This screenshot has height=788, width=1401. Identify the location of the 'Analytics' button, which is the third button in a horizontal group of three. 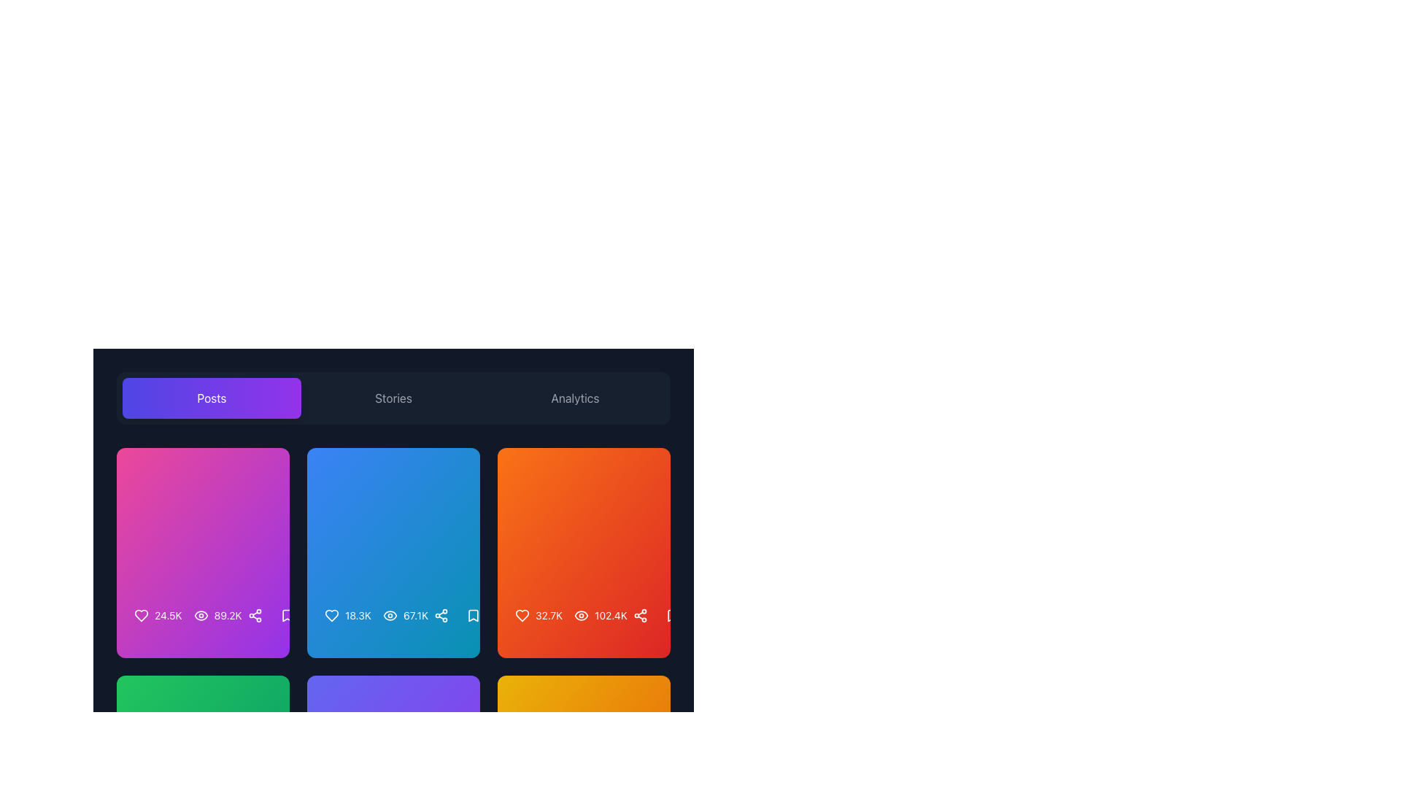
(574, 398).